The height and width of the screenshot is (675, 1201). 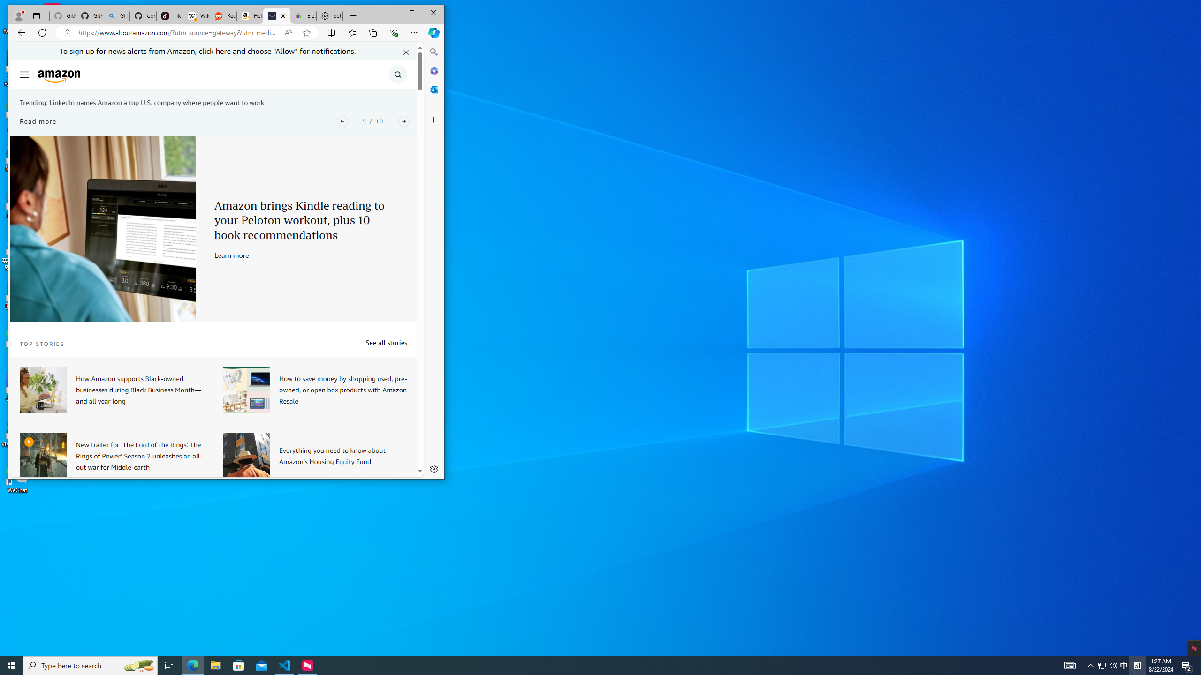 What do you see at coordinates (1069, 665) in the screenshot?
I see `'AutomationID: 4105'` at bounding box center [1069, 665].